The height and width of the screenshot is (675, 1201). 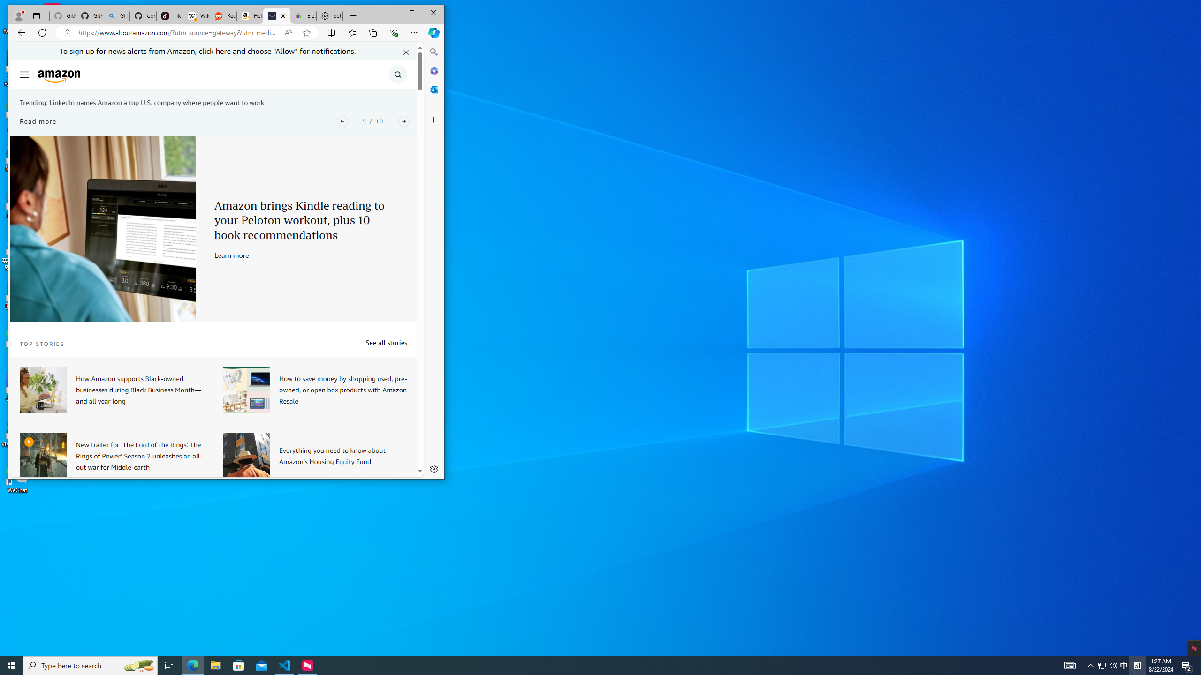 What do you see at coordinates (1069, 665) in the screenshot?
I see `'AutomationID: 4105'` at bounding box center [1069, 665].